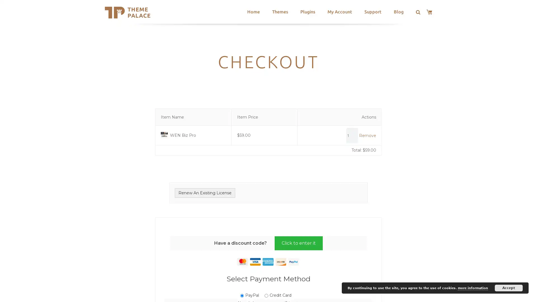  Describe the element at coordinates (509, 288) in the screenshot. I see `Accept` at that location.